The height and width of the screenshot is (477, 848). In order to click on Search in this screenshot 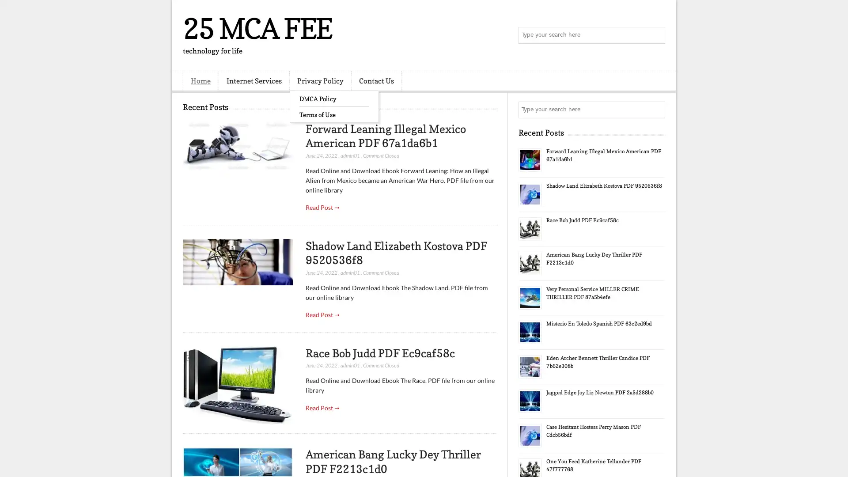, I will do `click(656, 35)`.